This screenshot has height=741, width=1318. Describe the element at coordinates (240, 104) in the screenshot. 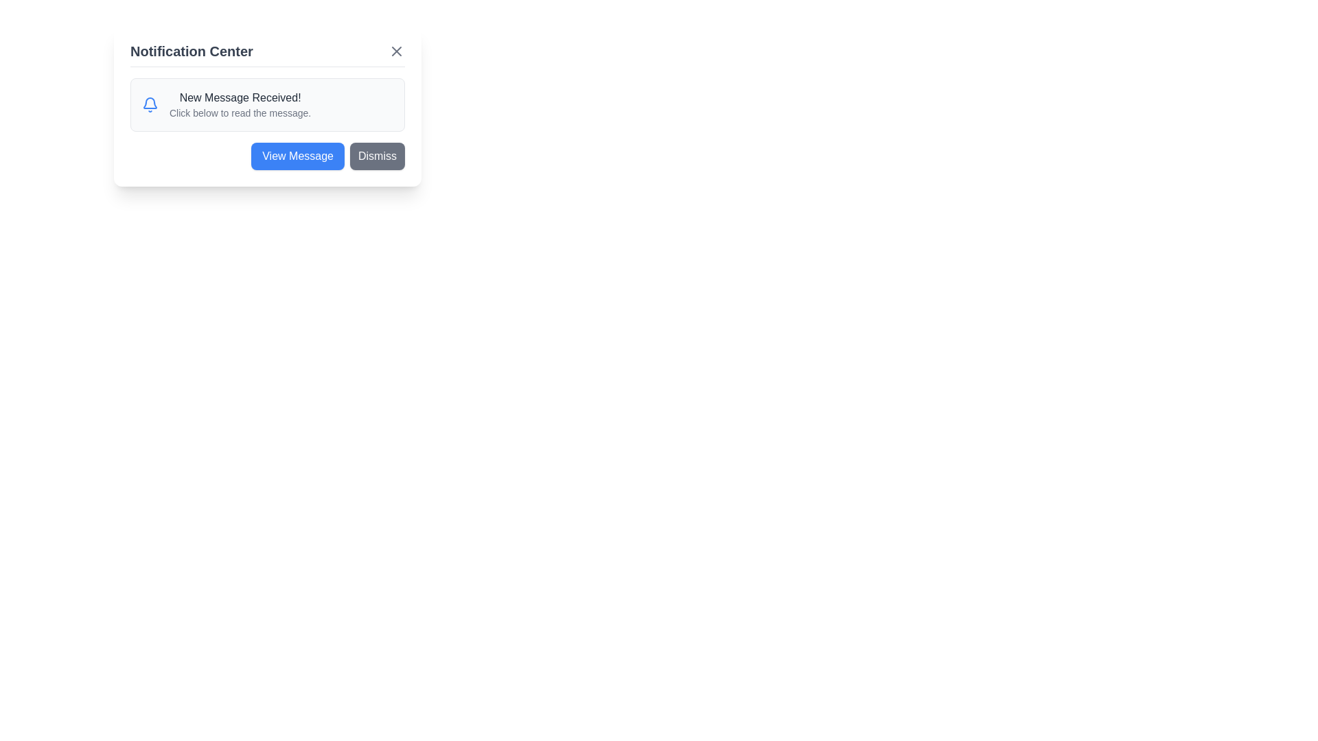

I see `the Text display element that conveys notification messages about newly received messages` at that location.